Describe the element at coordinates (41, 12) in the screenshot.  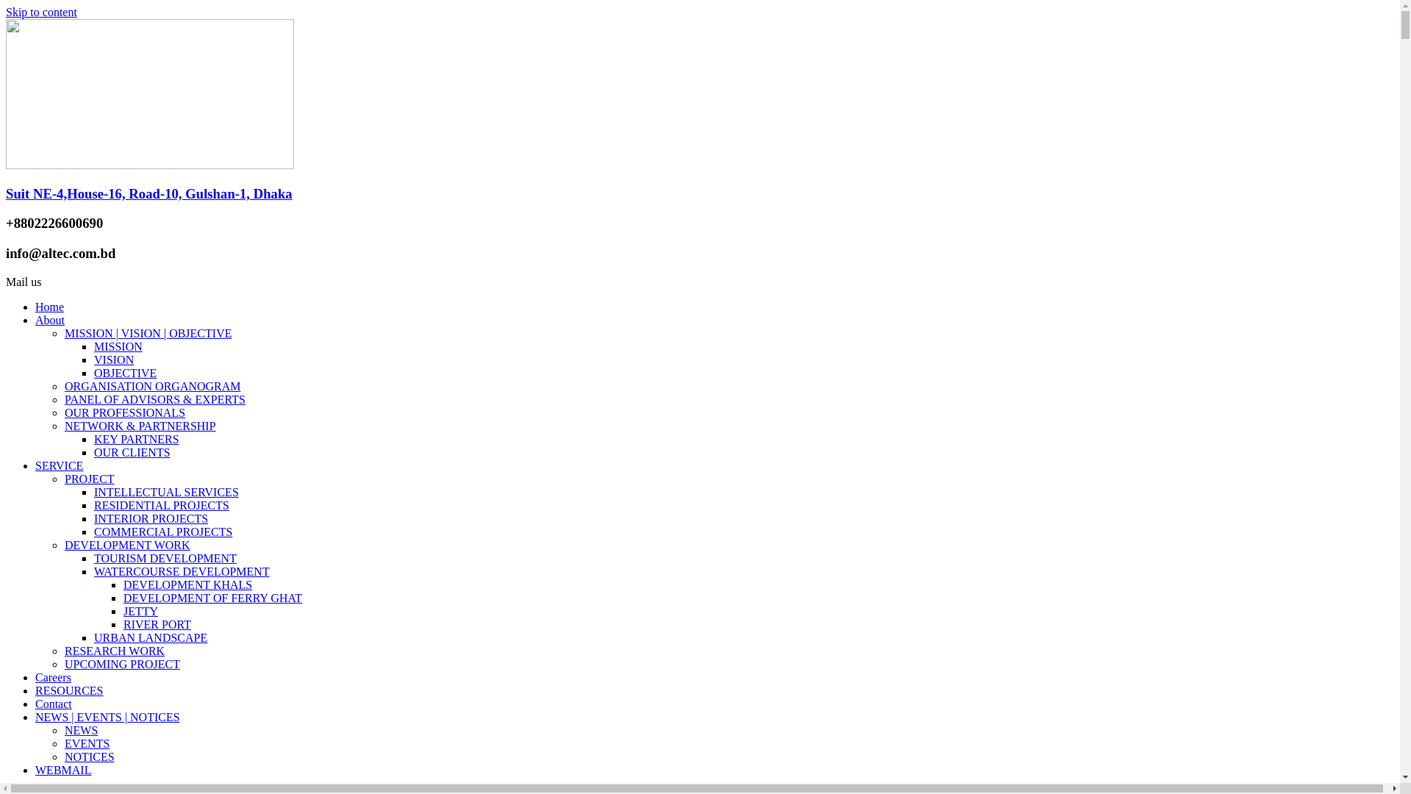
I see `'Skip to content'` at that location.